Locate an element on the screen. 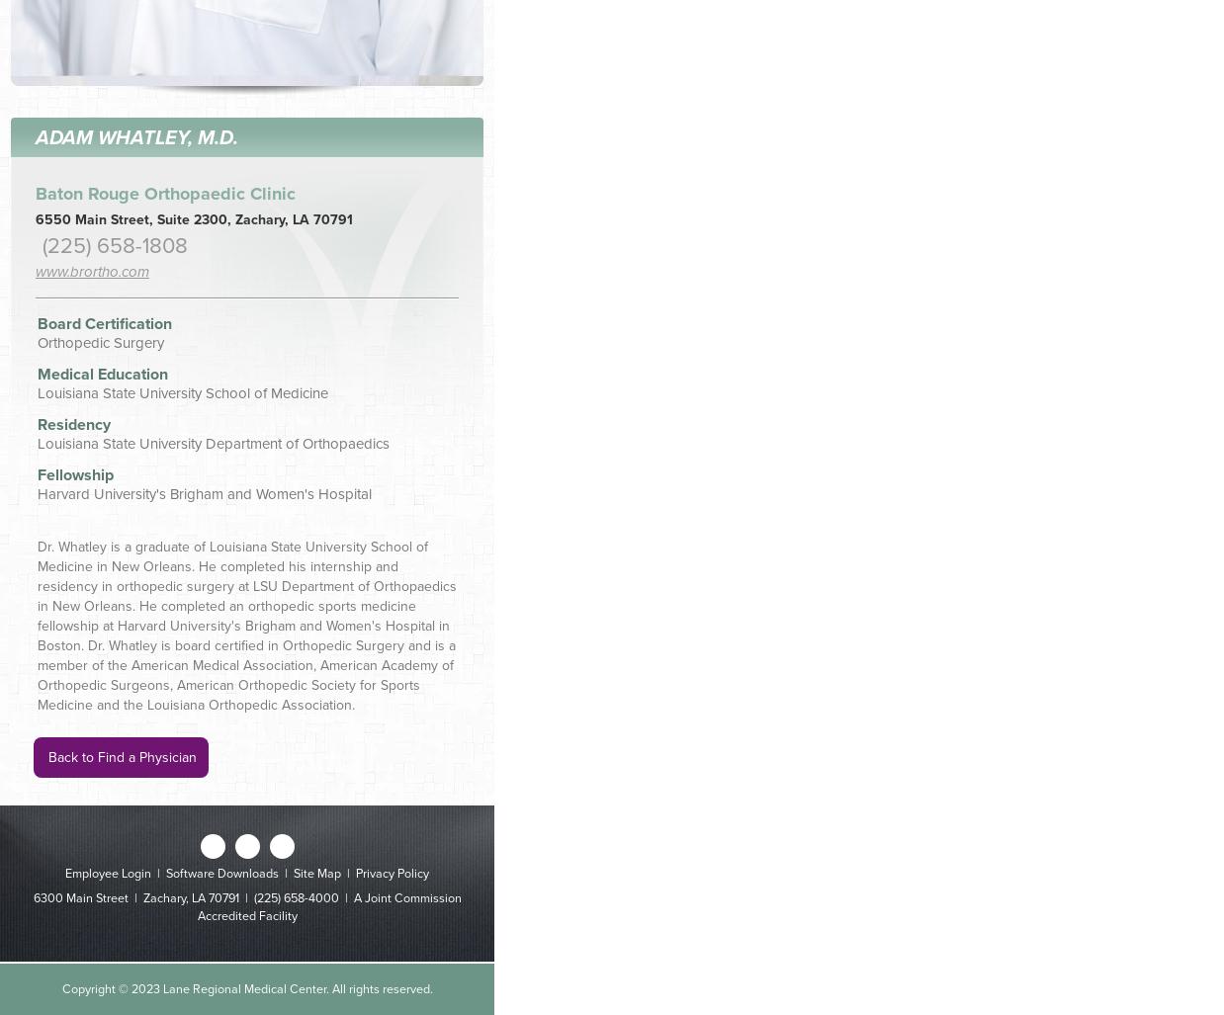 The image size is (1224, 1015). 'Adam Whatley, M.D.' is located at coordinates (35, 136).